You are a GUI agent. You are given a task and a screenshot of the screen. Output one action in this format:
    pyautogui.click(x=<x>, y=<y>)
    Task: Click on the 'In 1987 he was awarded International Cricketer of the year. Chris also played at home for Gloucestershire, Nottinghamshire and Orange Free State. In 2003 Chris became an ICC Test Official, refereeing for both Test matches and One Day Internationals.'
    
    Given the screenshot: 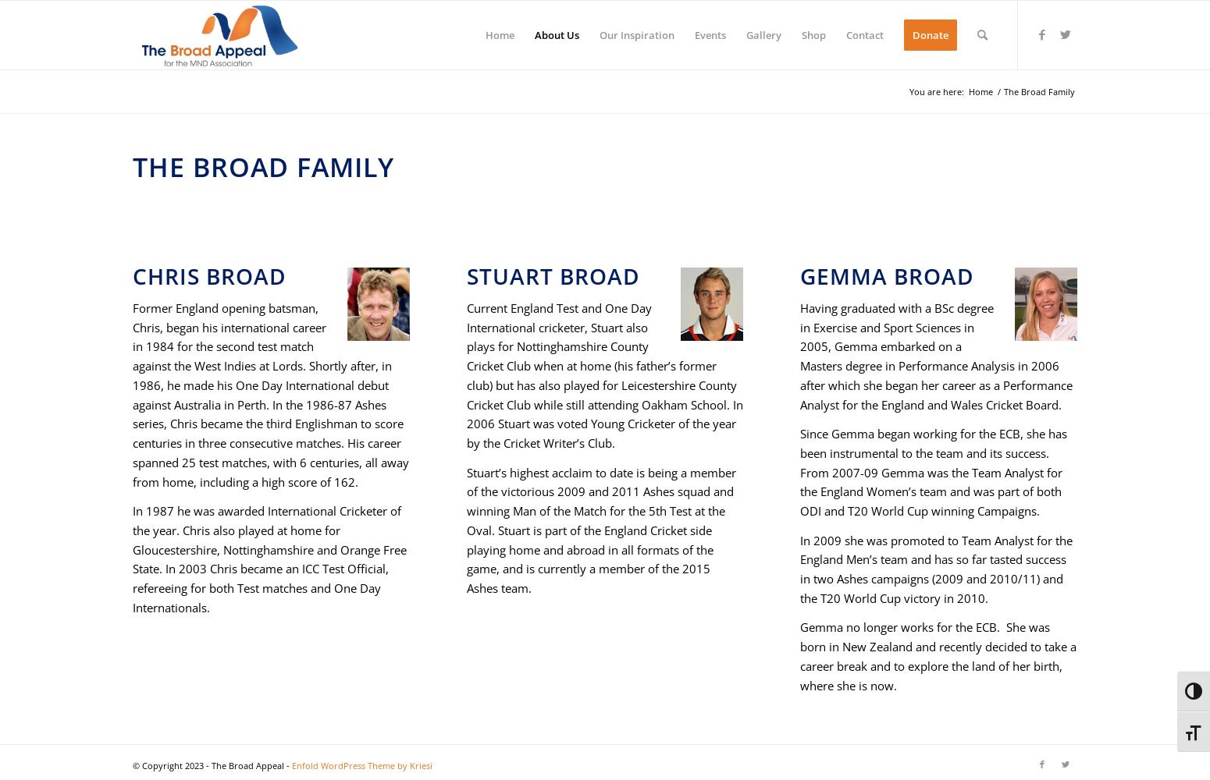 What is the action you would take?
    pyautogui.click(x=269, y=558)
    